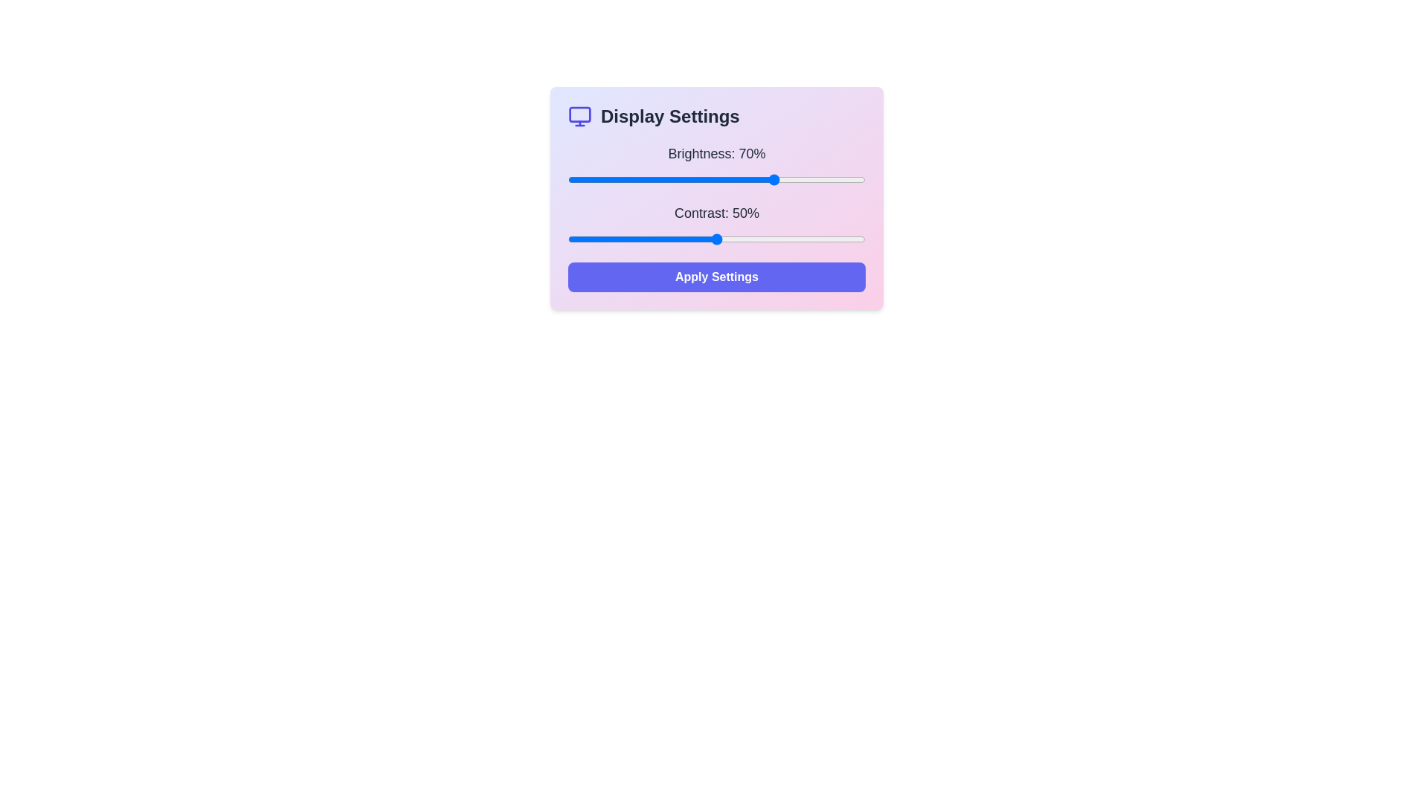 Image resolution: width=1428 pixels, height=803 pixels. What do you see at coordinates (850, 238) in the screenshot?
I see `the contrast slider to 95%` at bounding box center [850, 238].